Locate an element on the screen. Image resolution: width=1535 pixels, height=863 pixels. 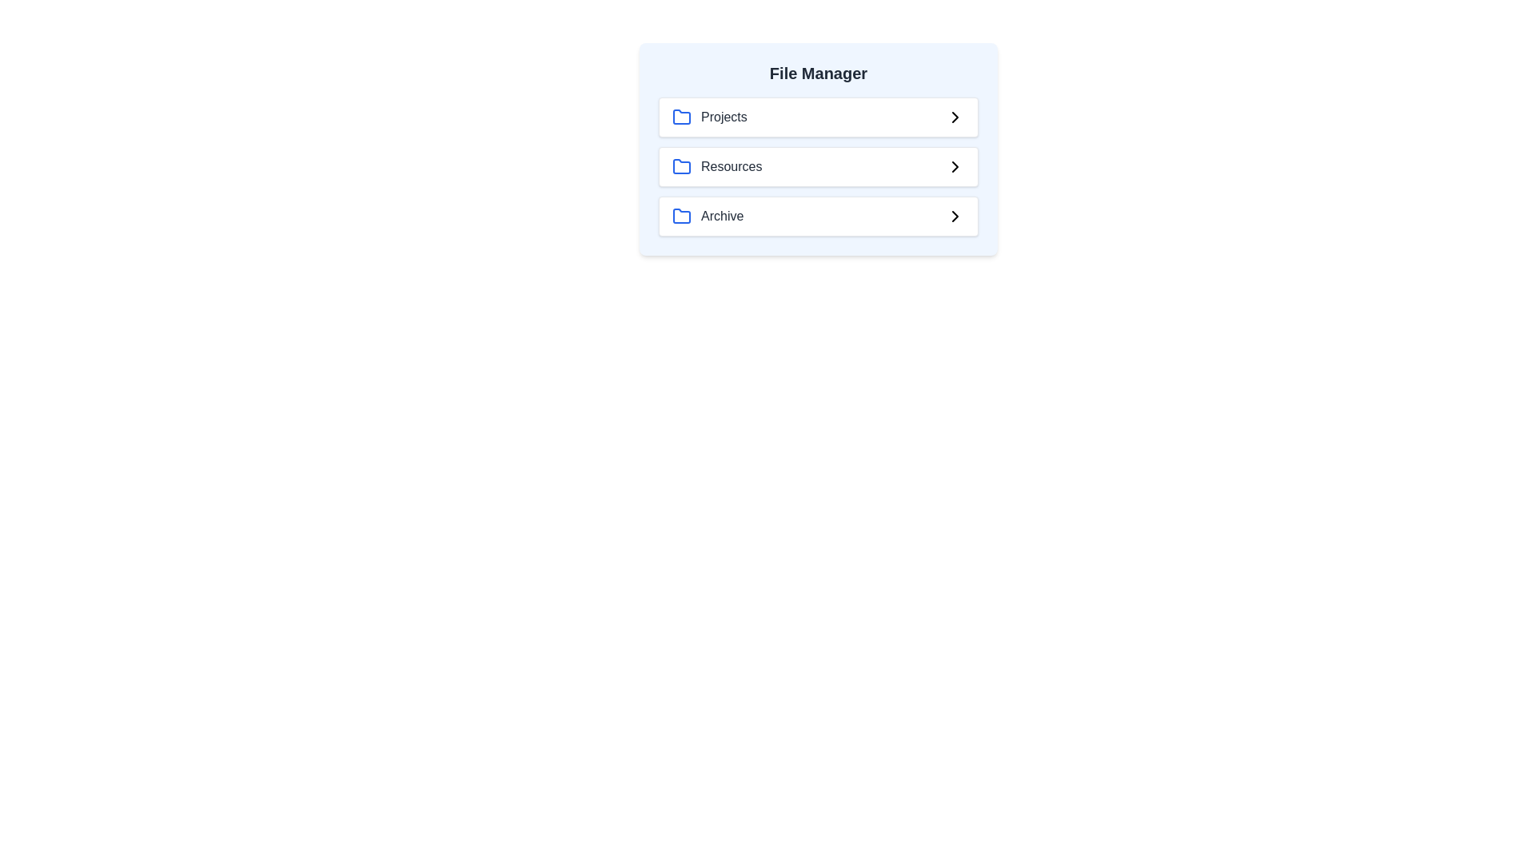
the right-pointing chevron arrow icon located on the far-right side of the 'Archive' row in the 'File Manager' section is located at coordinates (955, 216).